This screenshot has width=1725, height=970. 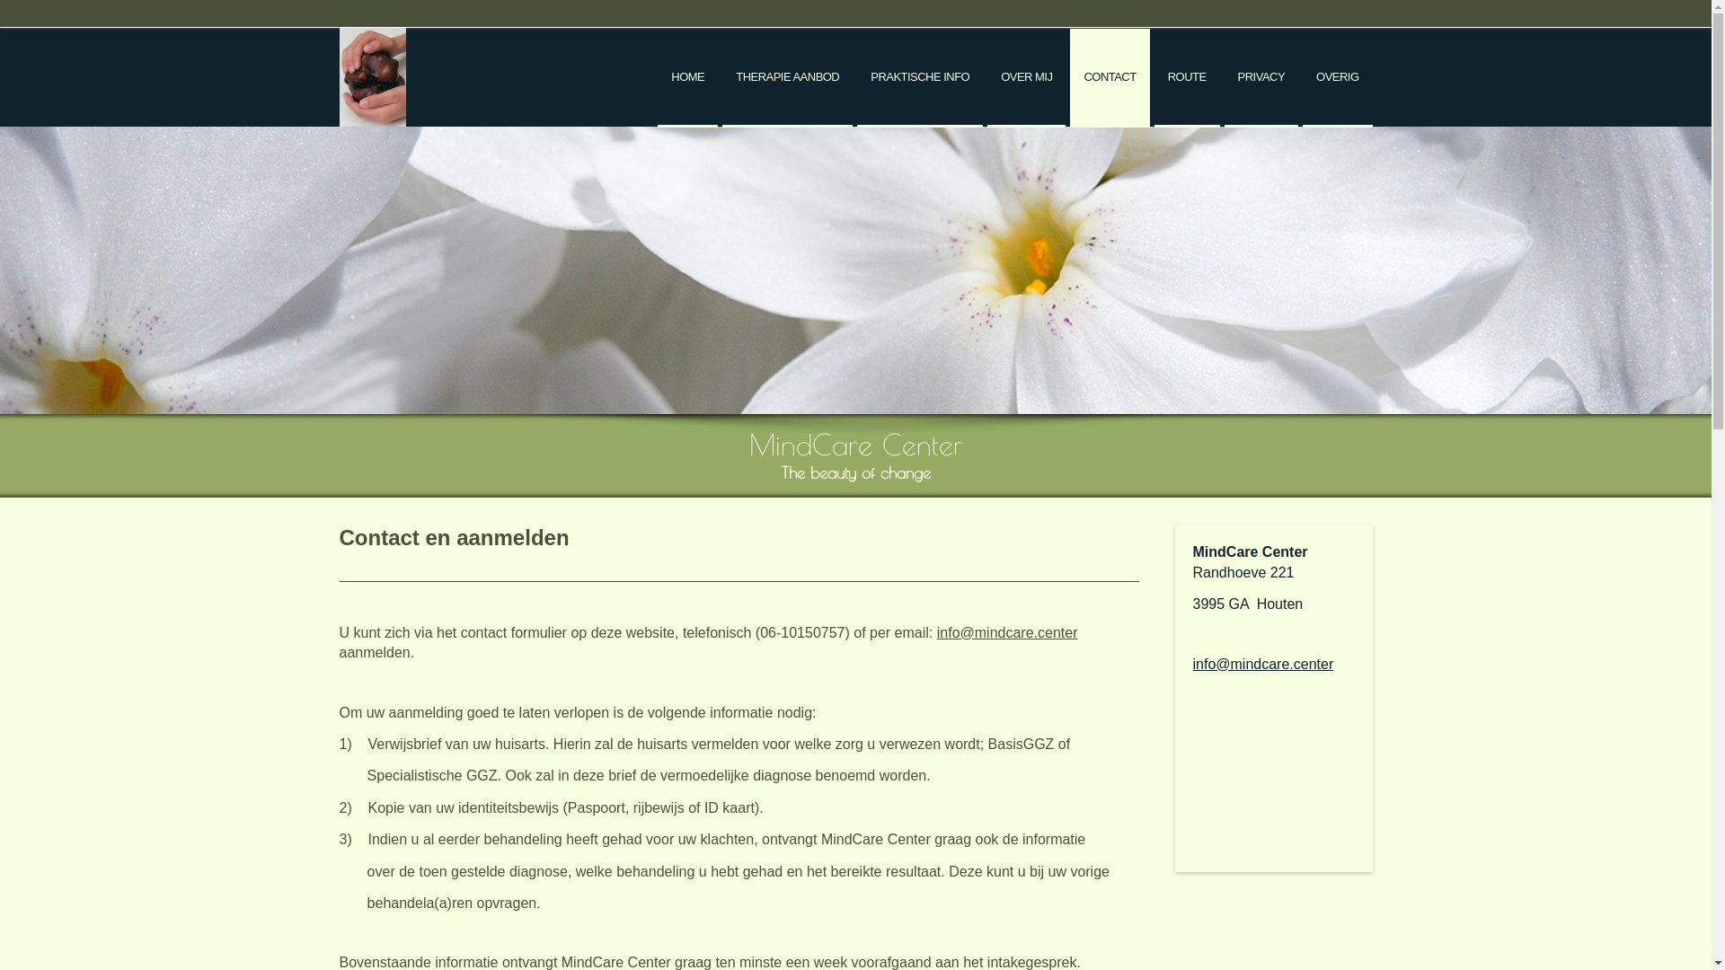 I want to click on 'info@mindcare.center', so click(x=1262, y=664).